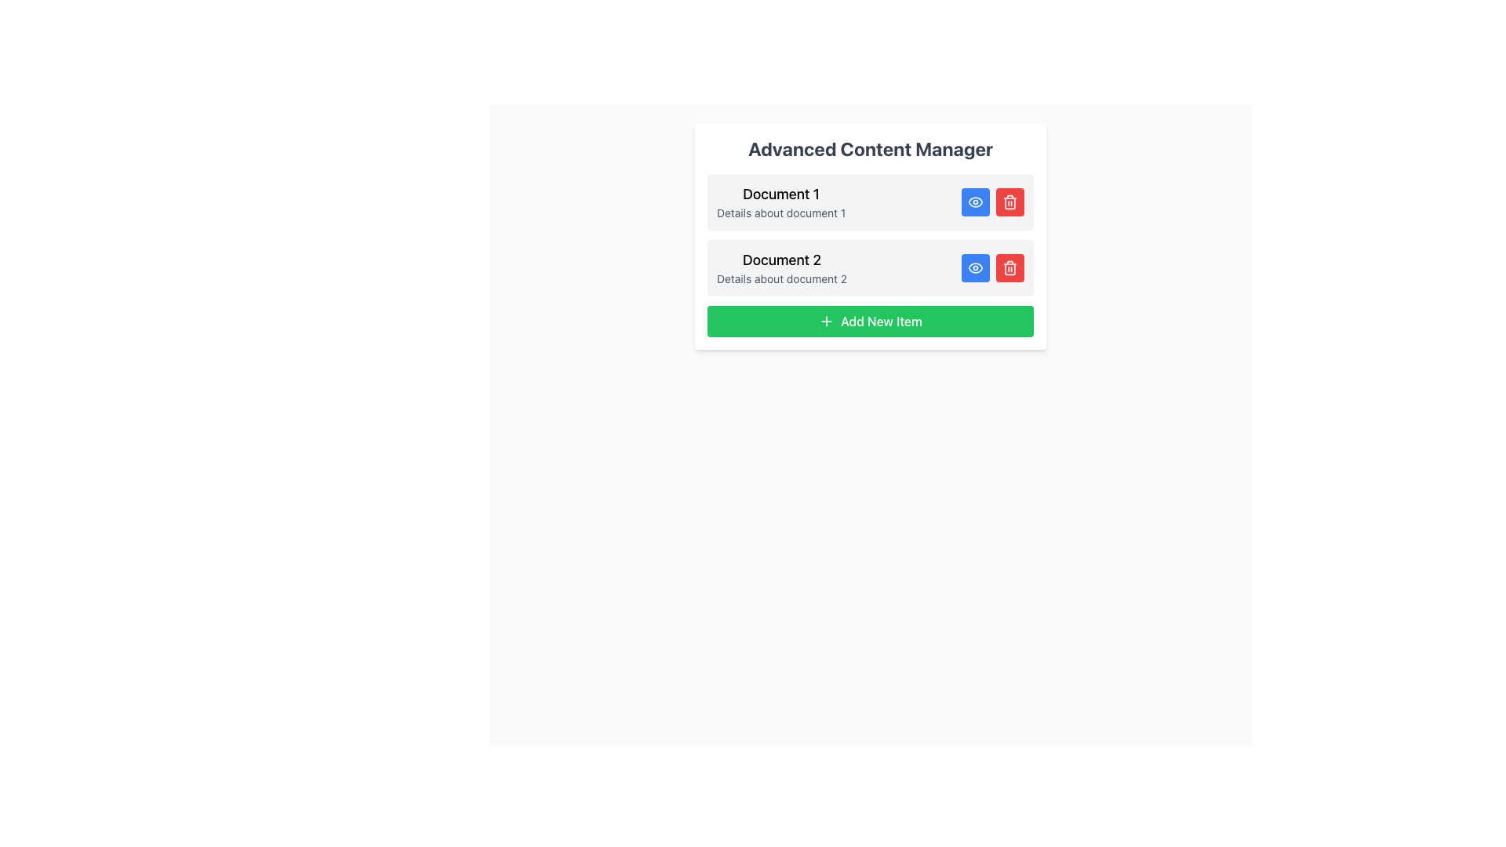  I want to click on the small gray text label that reads 'Details about document 1', which is located below the bold title 'Document 1', so click(781, 213).